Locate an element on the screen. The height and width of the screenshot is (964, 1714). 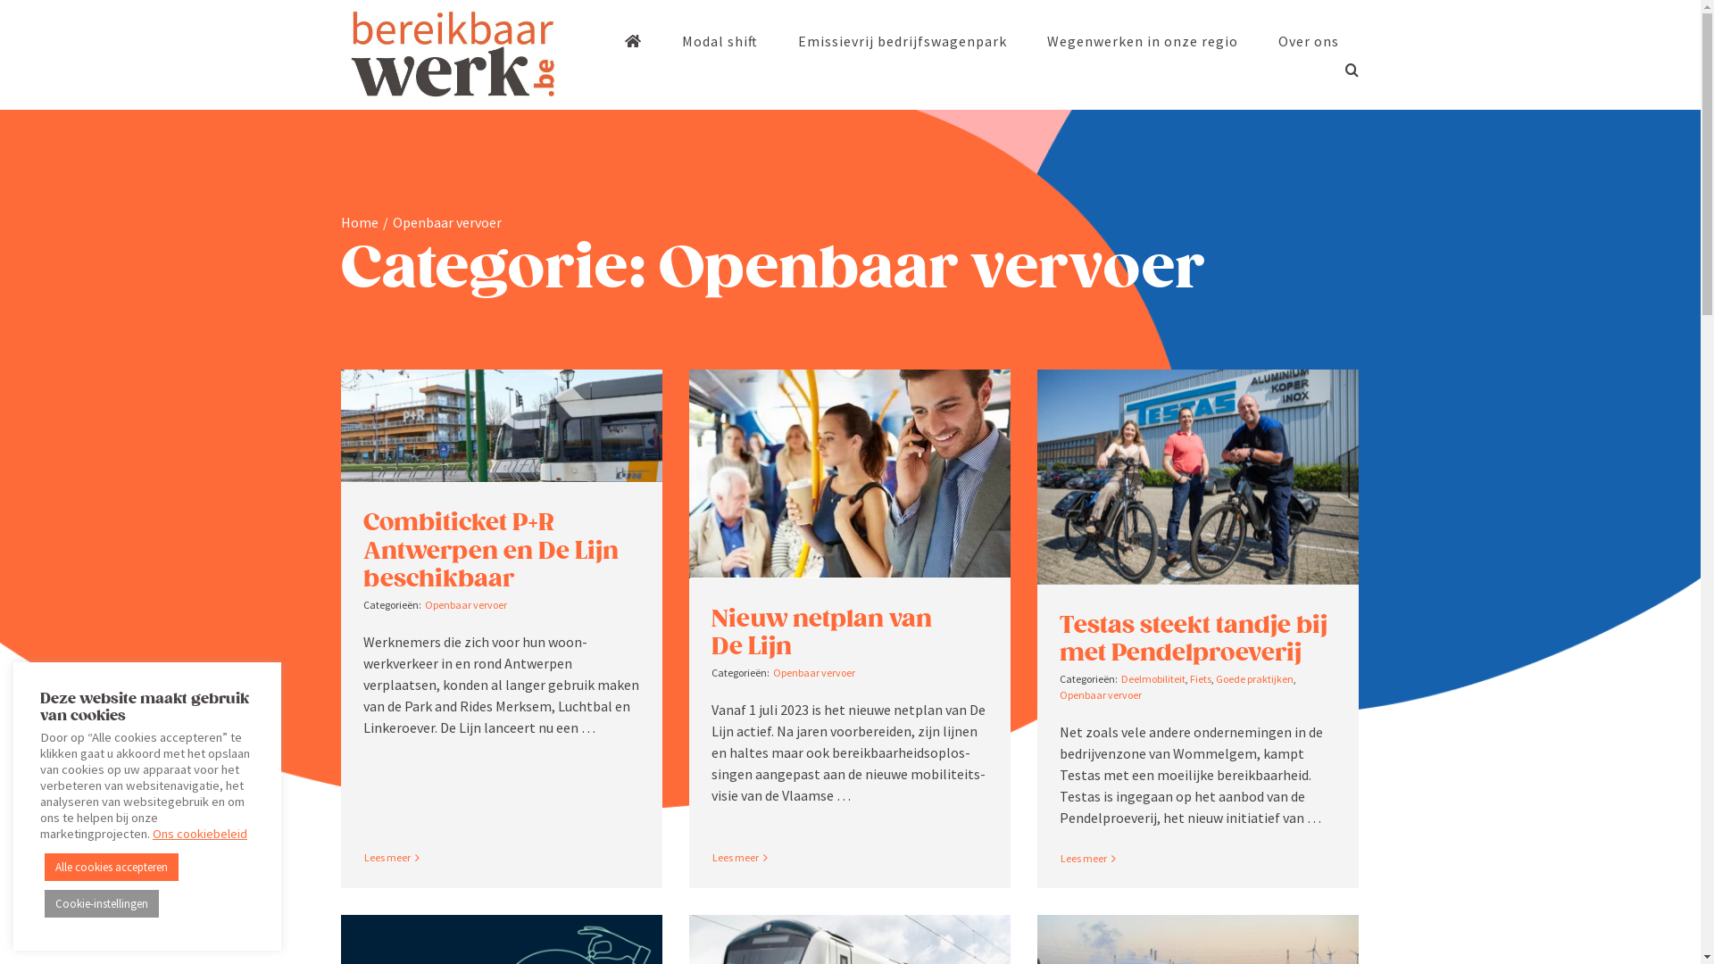
'Search' is located at coordinates (1351, 68).